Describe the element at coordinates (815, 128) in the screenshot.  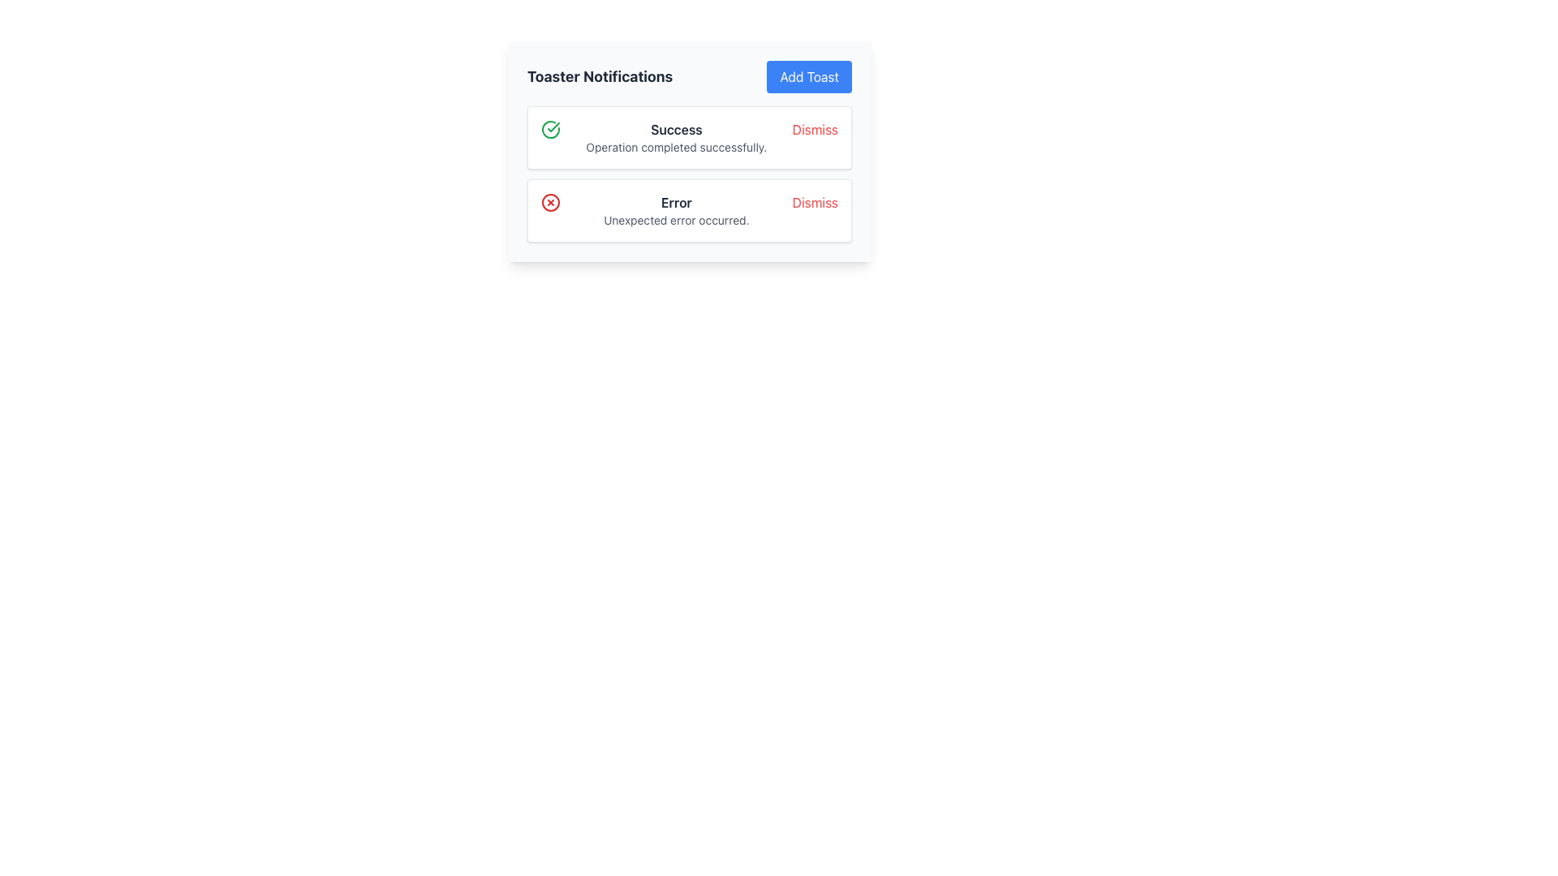
I see `the 'Dismiss' button, which is a red text label located at the top-right corner of the success notification, to observe its style change` at that location.